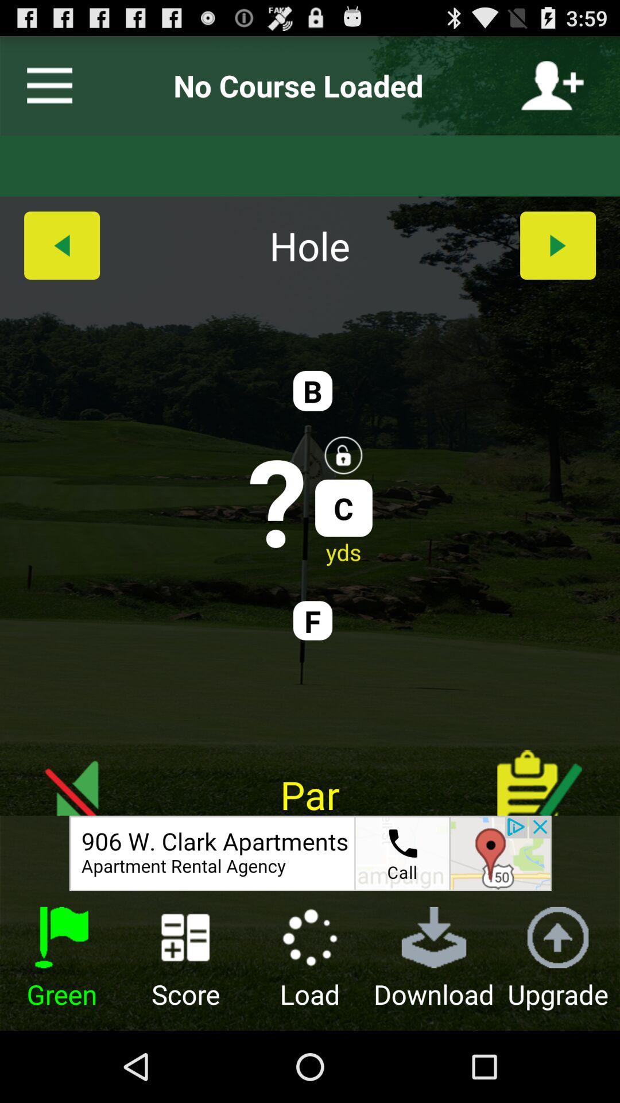  What do you see at coordinates (44, 85) in the screenshot?
I see `menu button` at bounding box center [44, 85].